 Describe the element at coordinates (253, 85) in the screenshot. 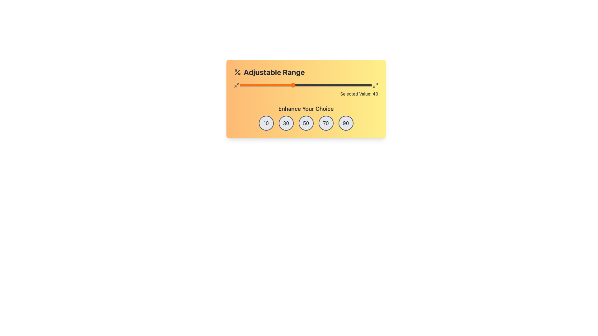

I see `the percentage` at that location.